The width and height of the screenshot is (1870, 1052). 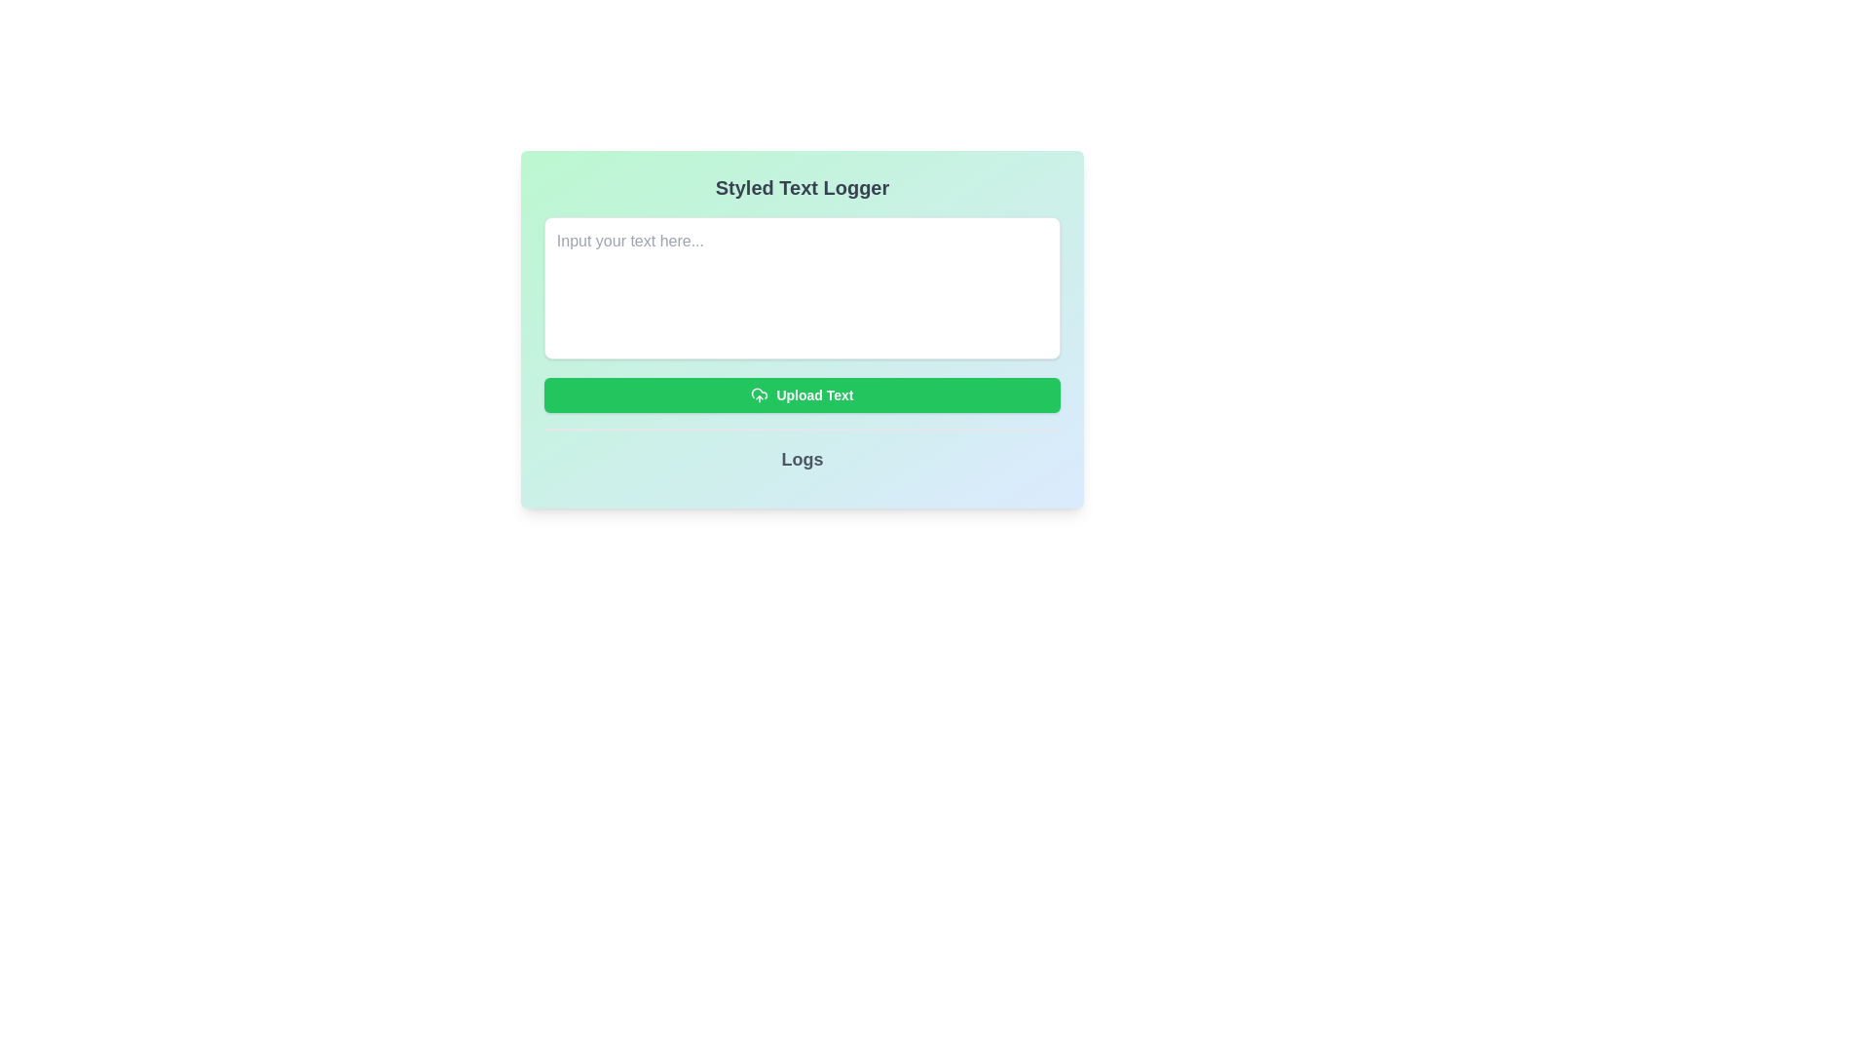 I want to click on text label that contains the word 'Logs', which is styled with bold and slightly larger font size, located at the bottom portion of the main interface panel, centered horizontally below the green 'Upload Text' button, so click(x=803, y=459).